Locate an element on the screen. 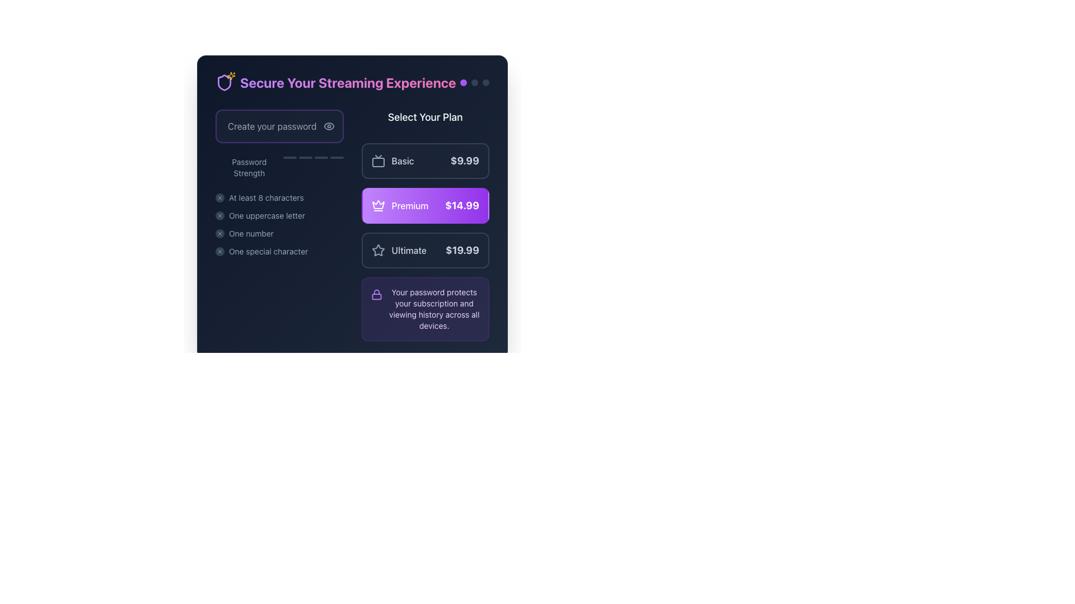 The image size is (1075, 604). the first circular indicator with a purple background located in the top-right corner of the interface is located at coordinates (464, 82).